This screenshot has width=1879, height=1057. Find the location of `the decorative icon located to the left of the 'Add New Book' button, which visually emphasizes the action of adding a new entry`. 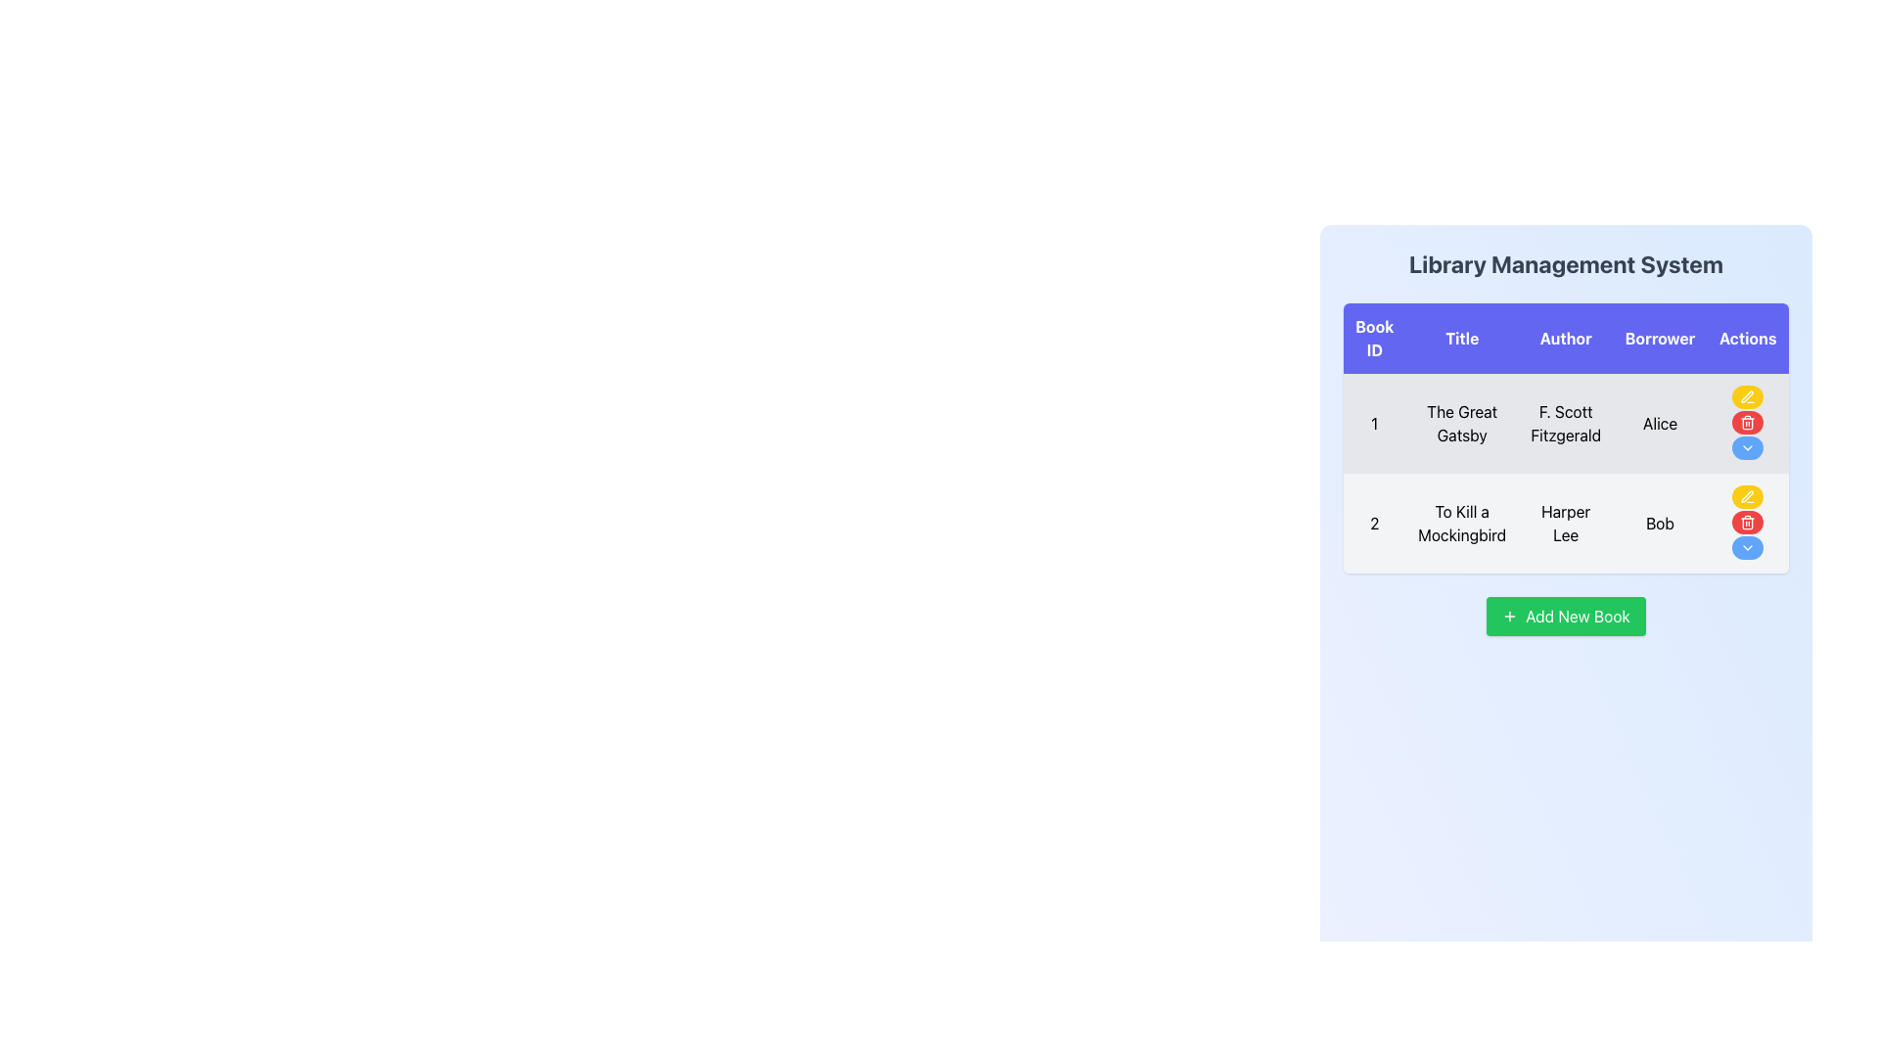

the decorative icon located to the left of the 'Add New Book' button, which visually emphasizes the action of adding a new entry is located at coordinates (1509, 615).